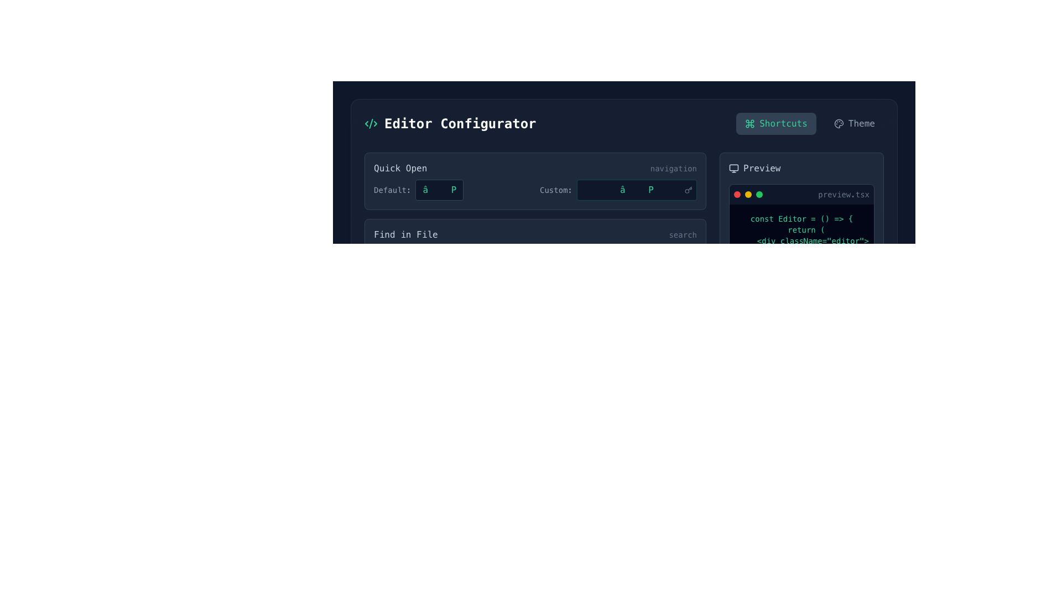  I want to click on the stylized text block '⌘ P' located in the 'Quick Open' section, which is emphasized with a green font color and a dark background, so click(452, 189).